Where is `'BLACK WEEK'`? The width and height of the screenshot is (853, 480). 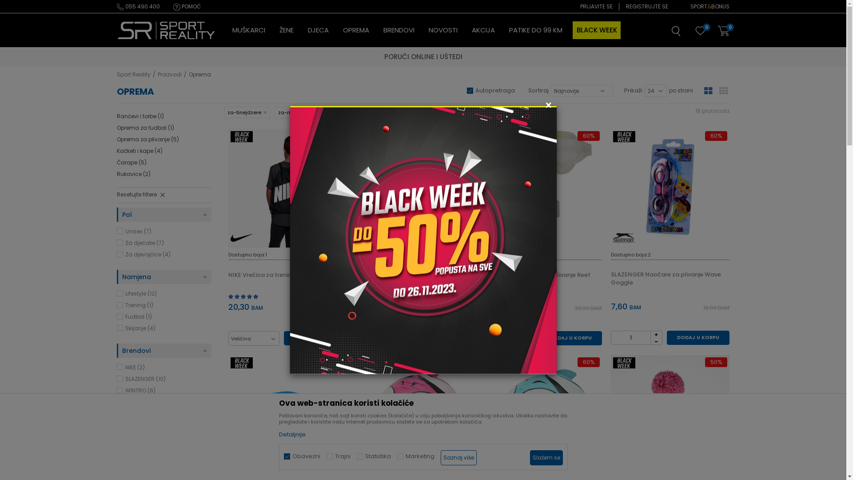
'BLACK WEEK' is located at coordinates (597, 30).